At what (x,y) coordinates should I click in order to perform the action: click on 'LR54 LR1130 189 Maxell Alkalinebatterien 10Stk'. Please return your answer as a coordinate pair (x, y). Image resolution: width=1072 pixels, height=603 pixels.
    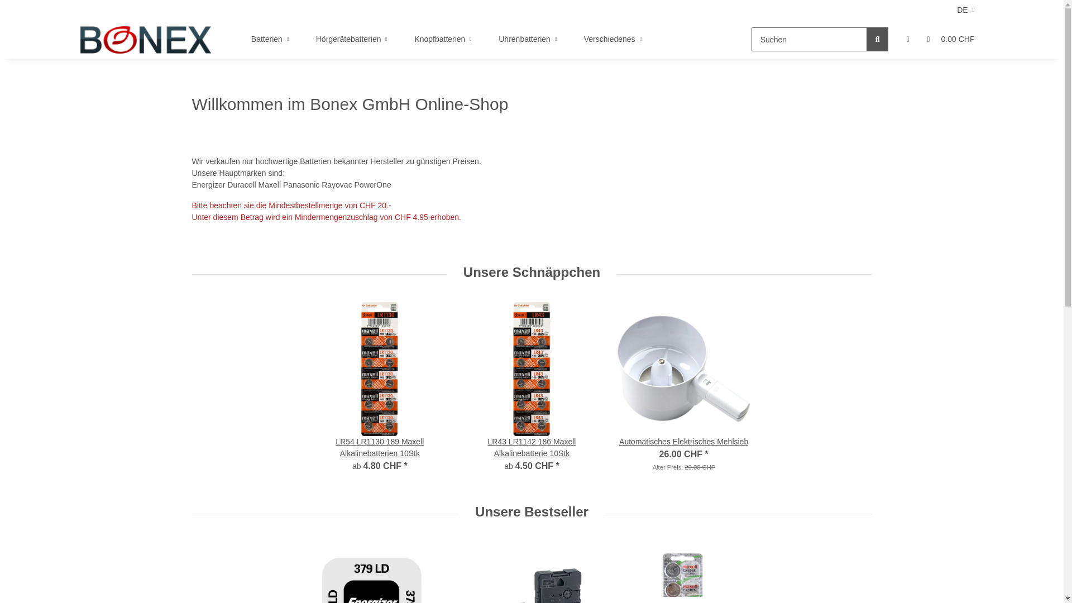
    Looking at the image, I should click on (313, 447).